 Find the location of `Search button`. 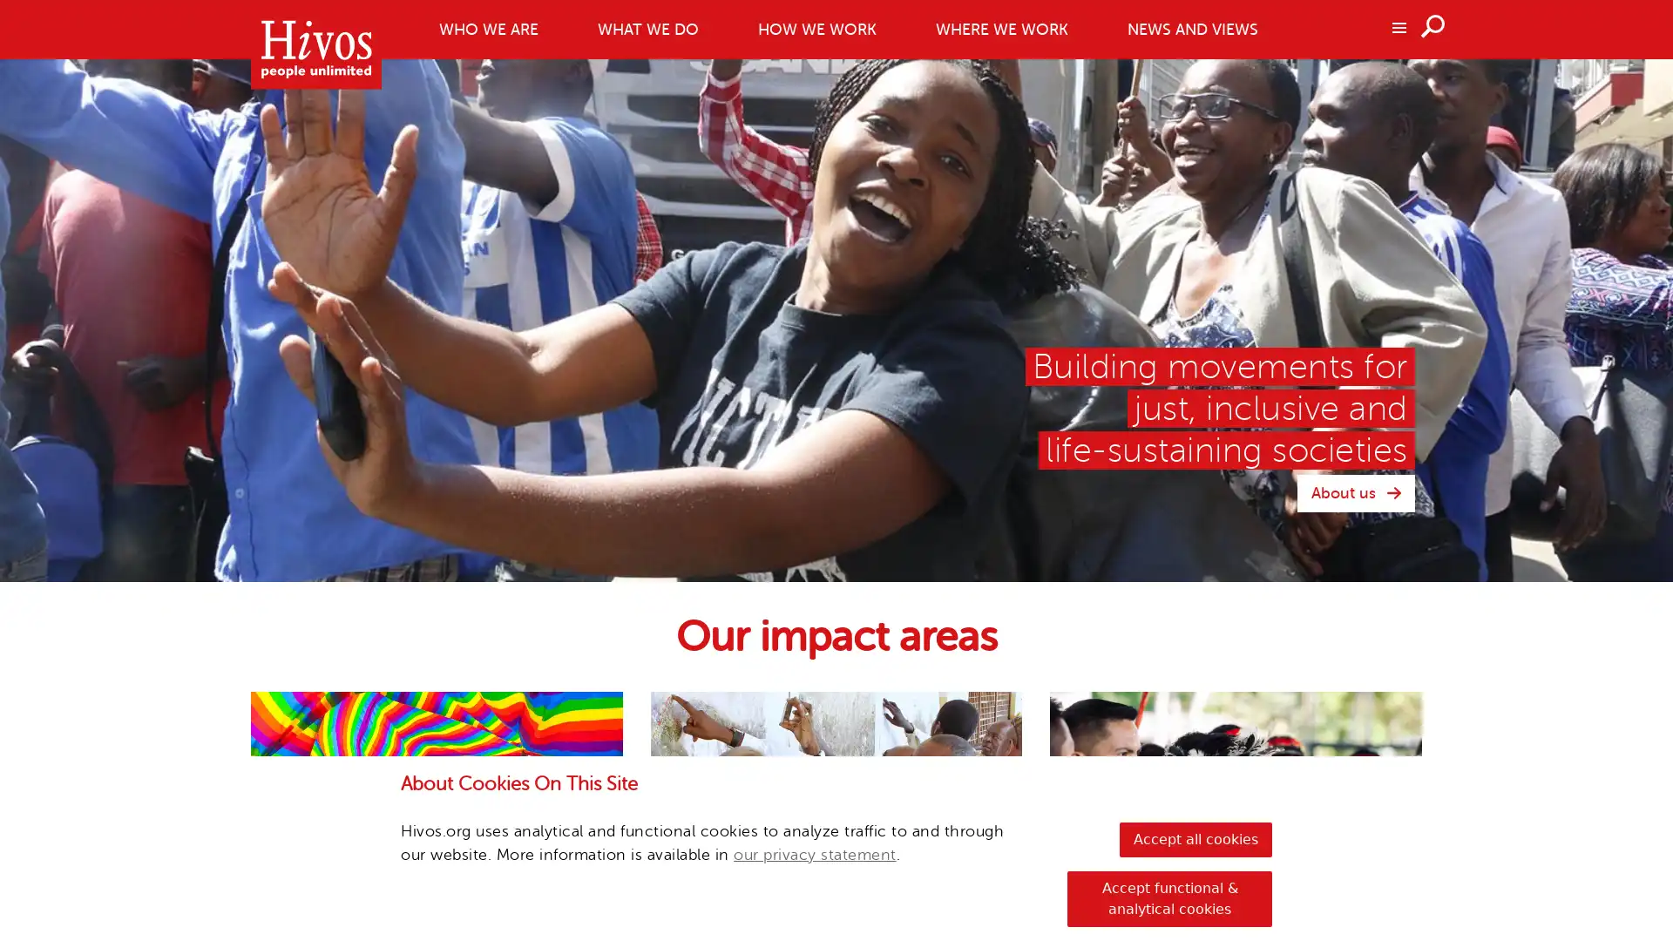

Search button is located at coordinates (1434, 25).